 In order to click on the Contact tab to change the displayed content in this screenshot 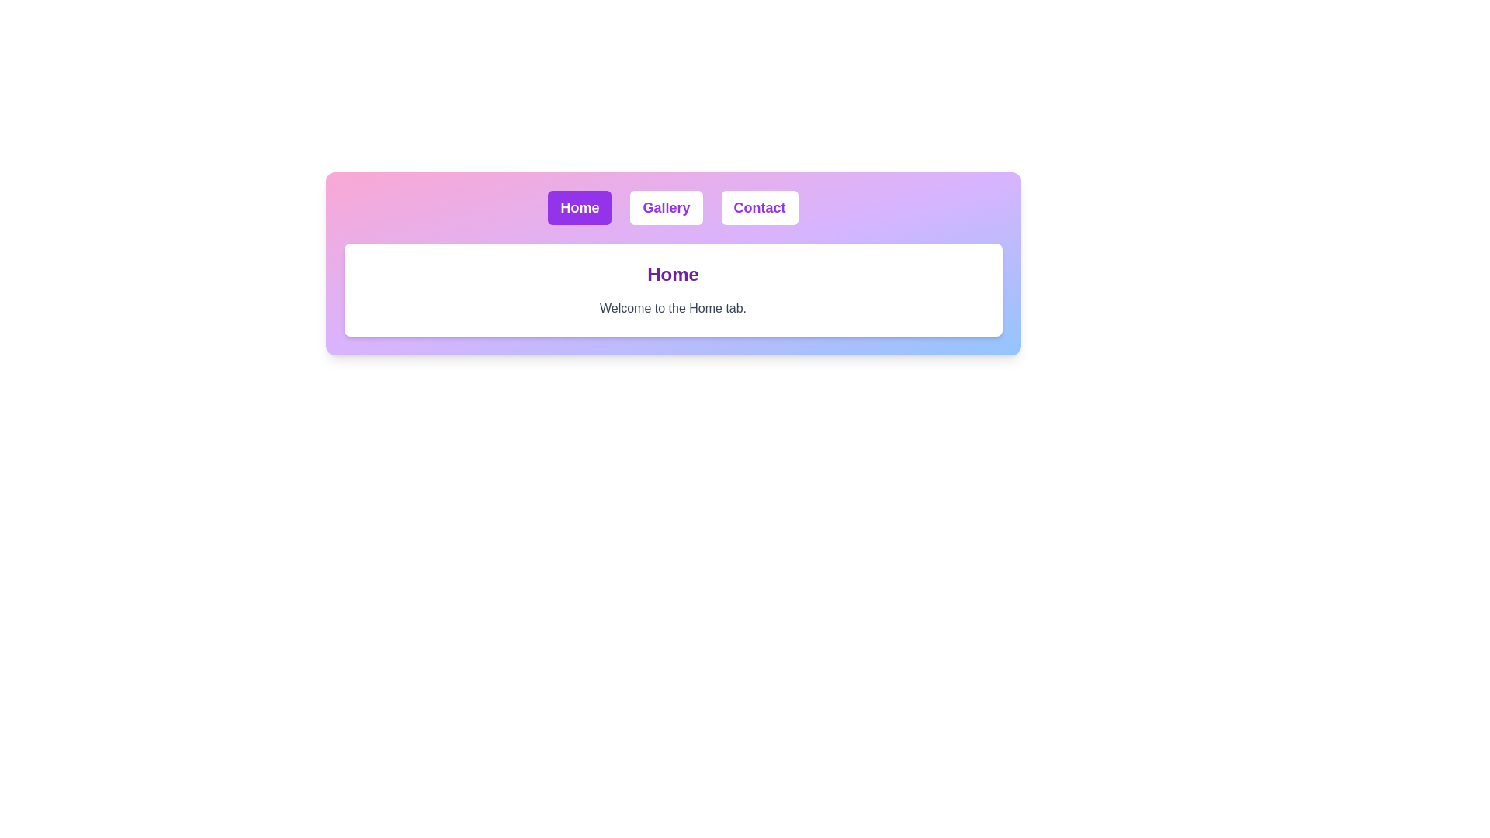, I will do `click(760, 206)`.